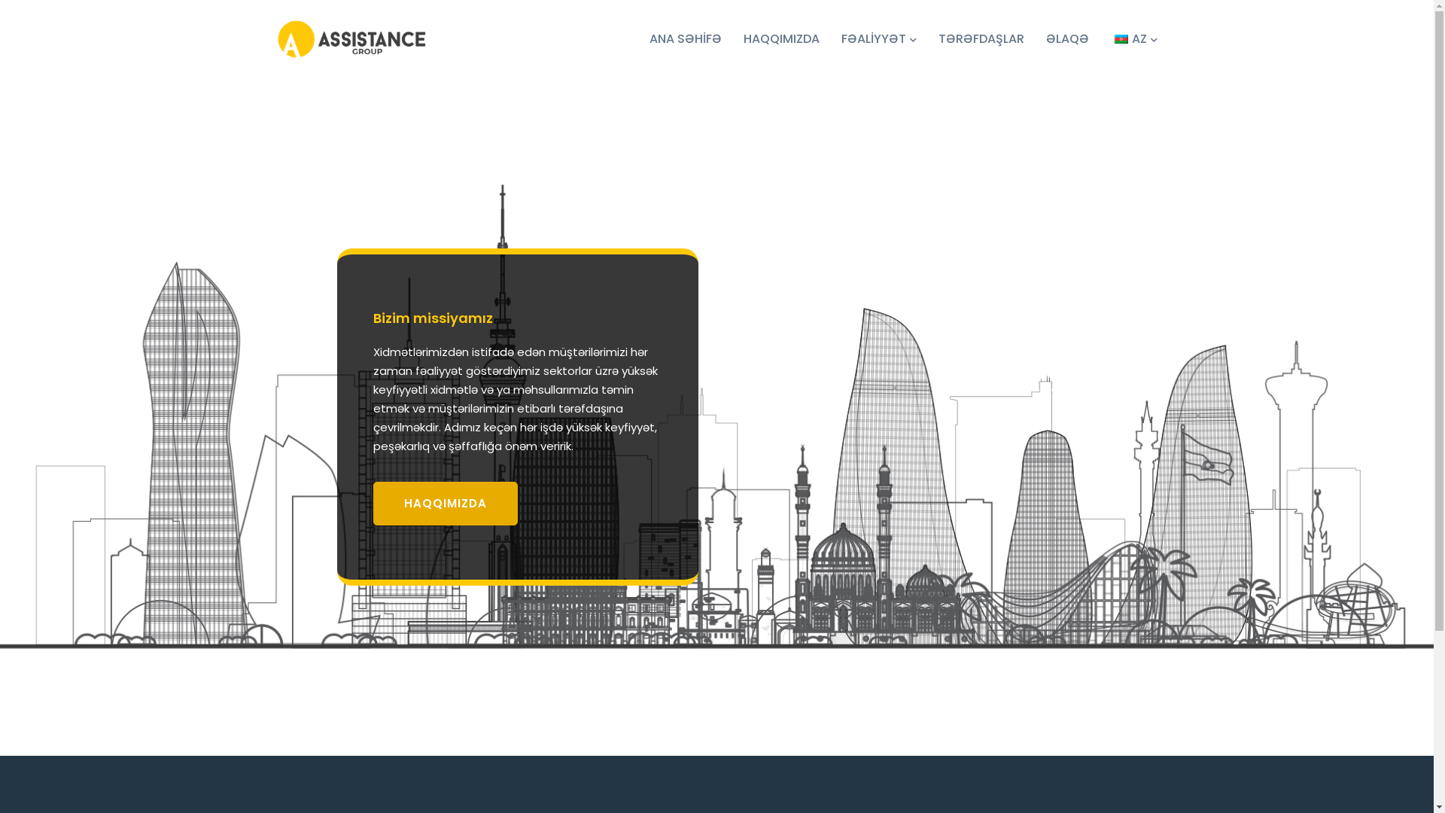 The image size is (1445, 813). What do you see at coordinates (1111, 38) in the screenshot?
I see `'AZ'` at bounding box center [1111, 38].